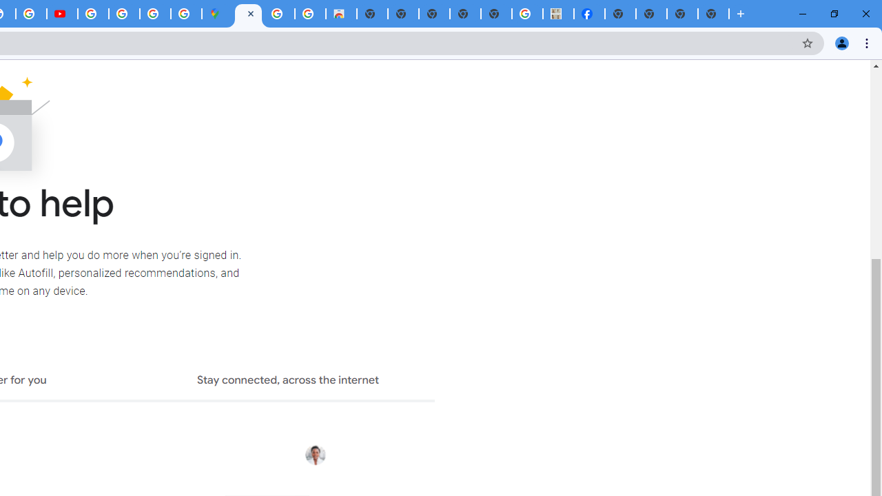 This screenshot has width=882, height=496. Describe the element at coordinates (287, 382) in the screenshot. I see `'Stay connected, across the internet'` at that location.